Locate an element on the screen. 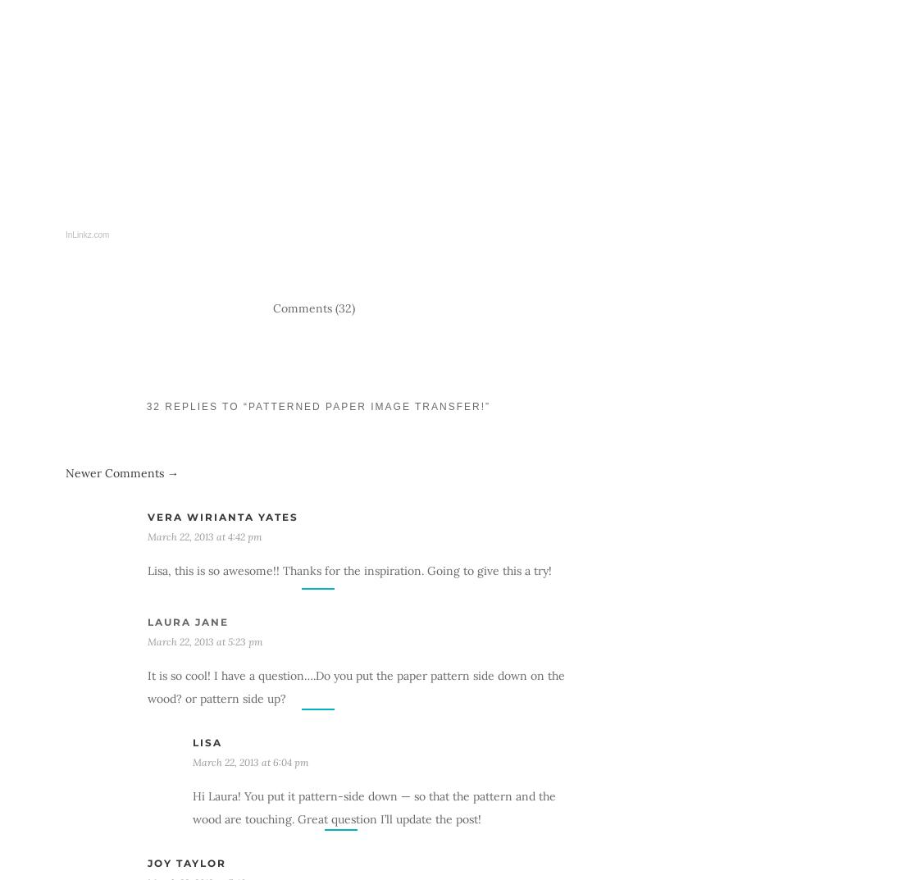 This screenshot has height=880, width=902. 'March 22, 2013 at 5:23 pm' is located at coordinates (205, 641).